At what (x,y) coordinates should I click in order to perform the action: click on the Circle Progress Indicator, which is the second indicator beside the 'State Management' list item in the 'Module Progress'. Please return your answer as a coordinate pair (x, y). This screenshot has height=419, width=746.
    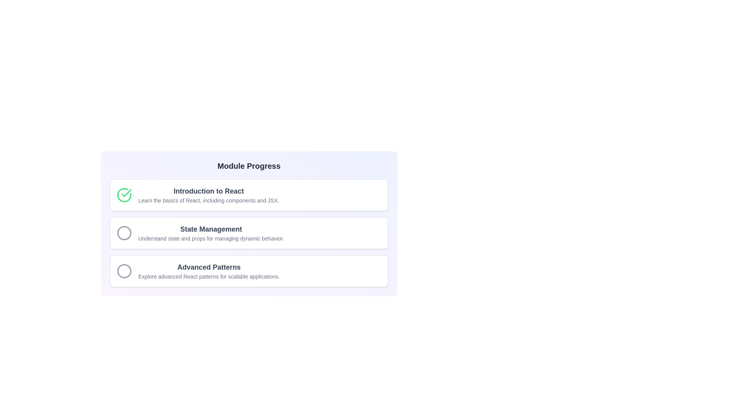
    Looking at the image, I should click on (124, 233).